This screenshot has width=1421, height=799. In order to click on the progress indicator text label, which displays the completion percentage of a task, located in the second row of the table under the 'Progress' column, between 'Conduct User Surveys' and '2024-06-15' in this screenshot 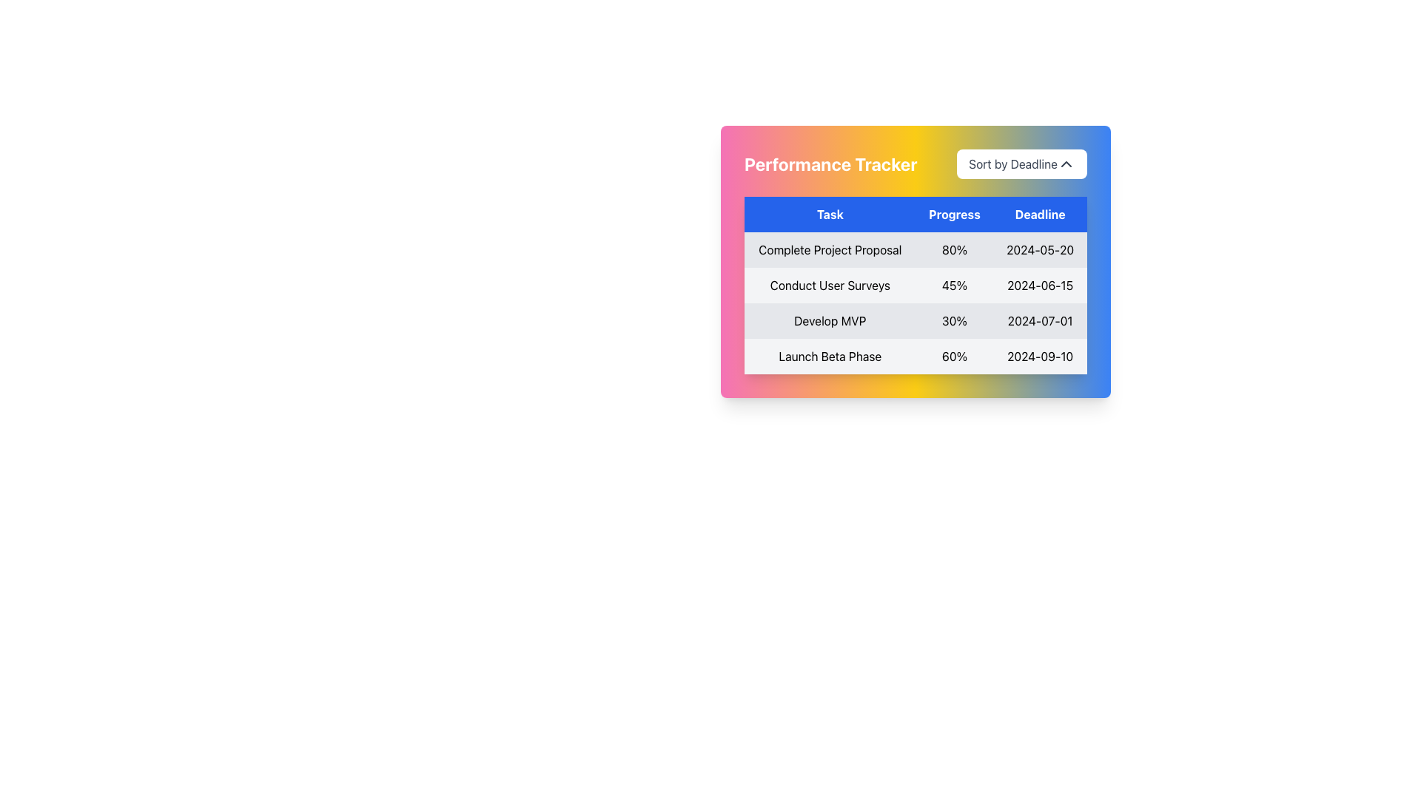, I will do `click(955, 285)`.